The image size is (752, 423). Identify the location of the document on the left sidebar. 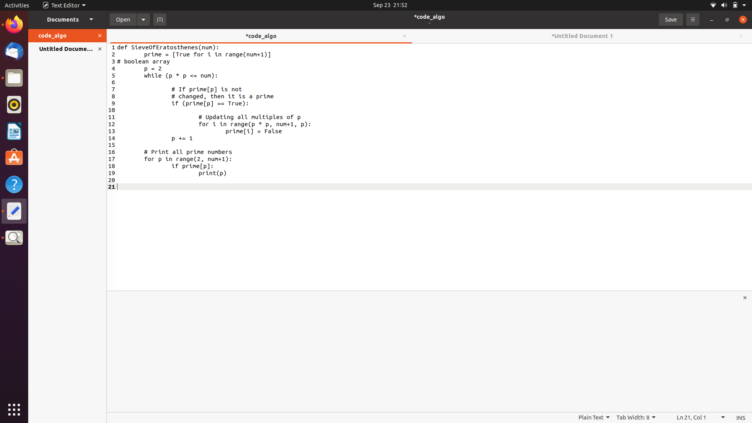
(122, 19).